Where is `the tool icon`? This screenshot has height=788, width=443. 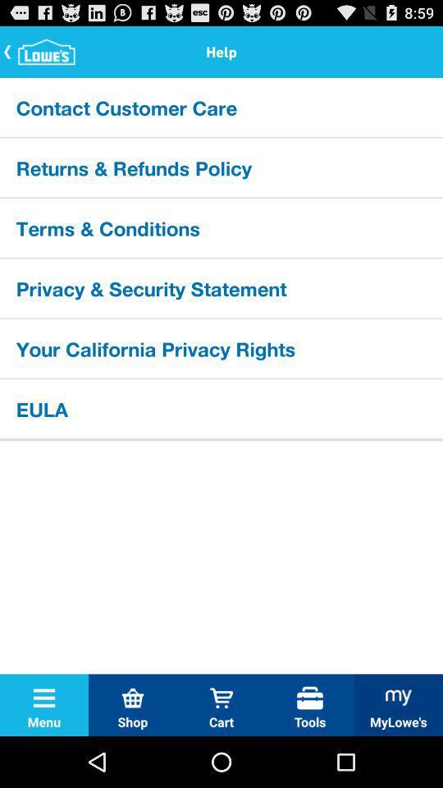
the tool icon is located at coordinates (310, 697).